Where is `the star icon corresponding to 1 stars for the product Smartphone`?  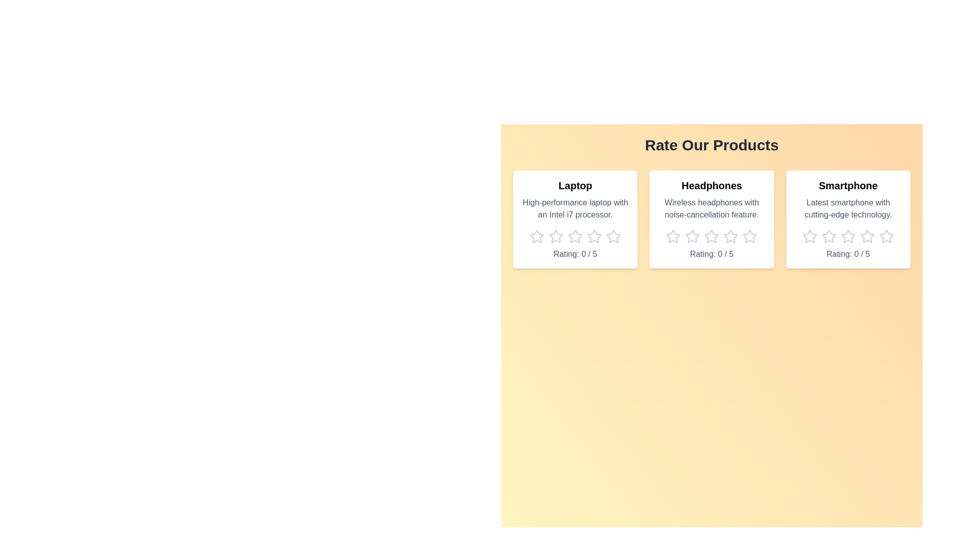 the star icon corresponding to 1 stars for the product Smartphone is located at coordinates (809, 237).